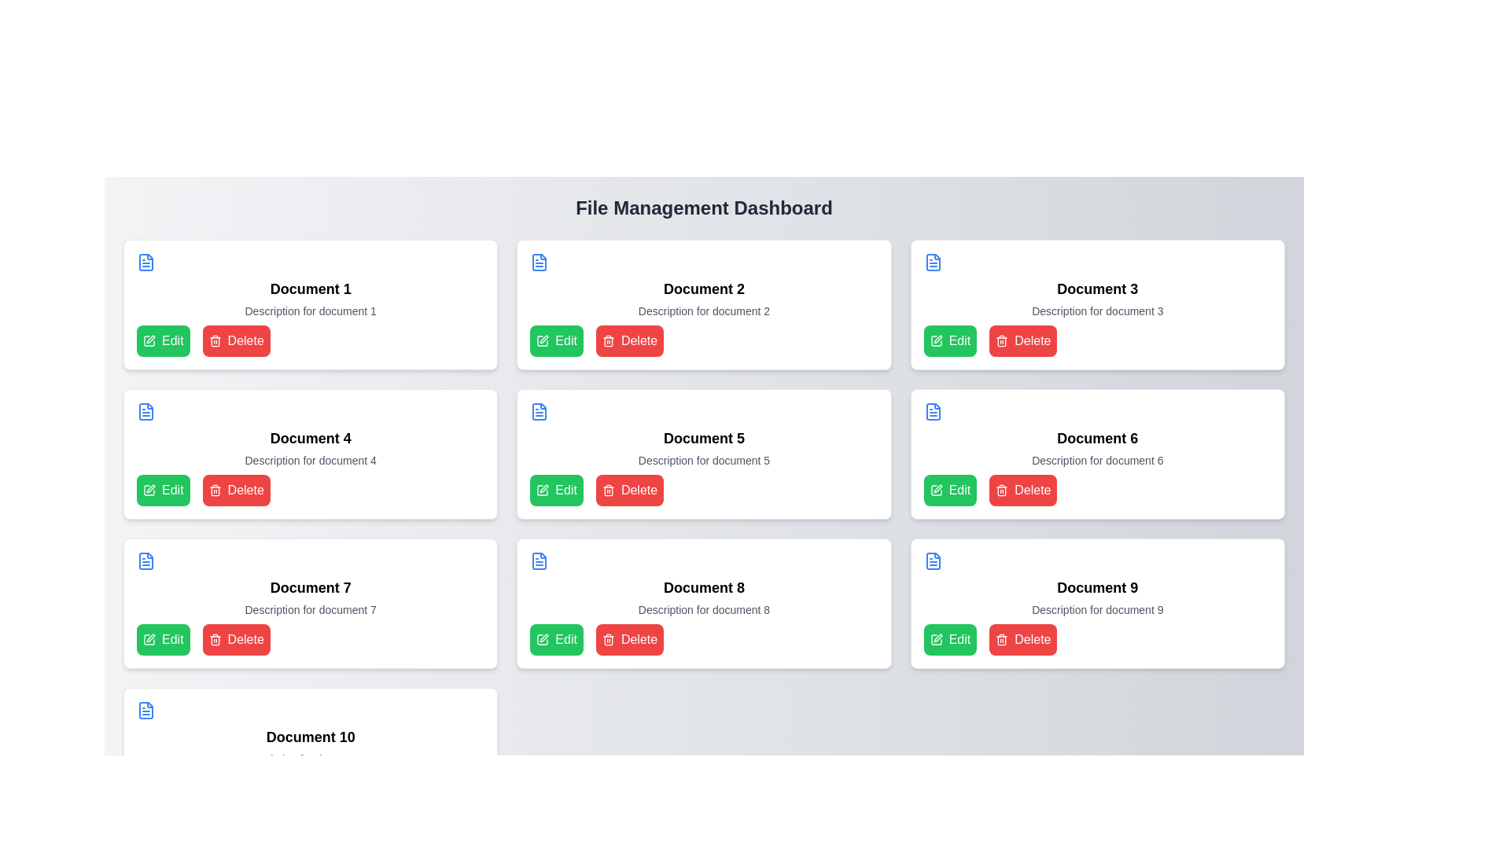 The width and height of the screenshot is (1510, 849). I want to click on the text label displaying 'Document 6', which is prominently styled in bold and large font above other content in its card, located in the second row, third column of the grid, so click(1096, 439).